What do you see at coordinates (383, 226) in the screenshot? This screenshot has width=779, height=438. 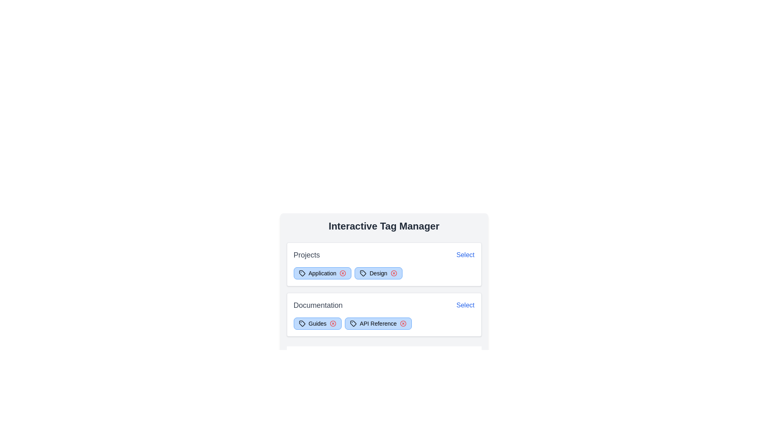 I see `the 'Interactive Tag Manager' text label, which is bold and gray, centered within a white background in a rounded card with a light gray background` at bounding box center [383, 226].